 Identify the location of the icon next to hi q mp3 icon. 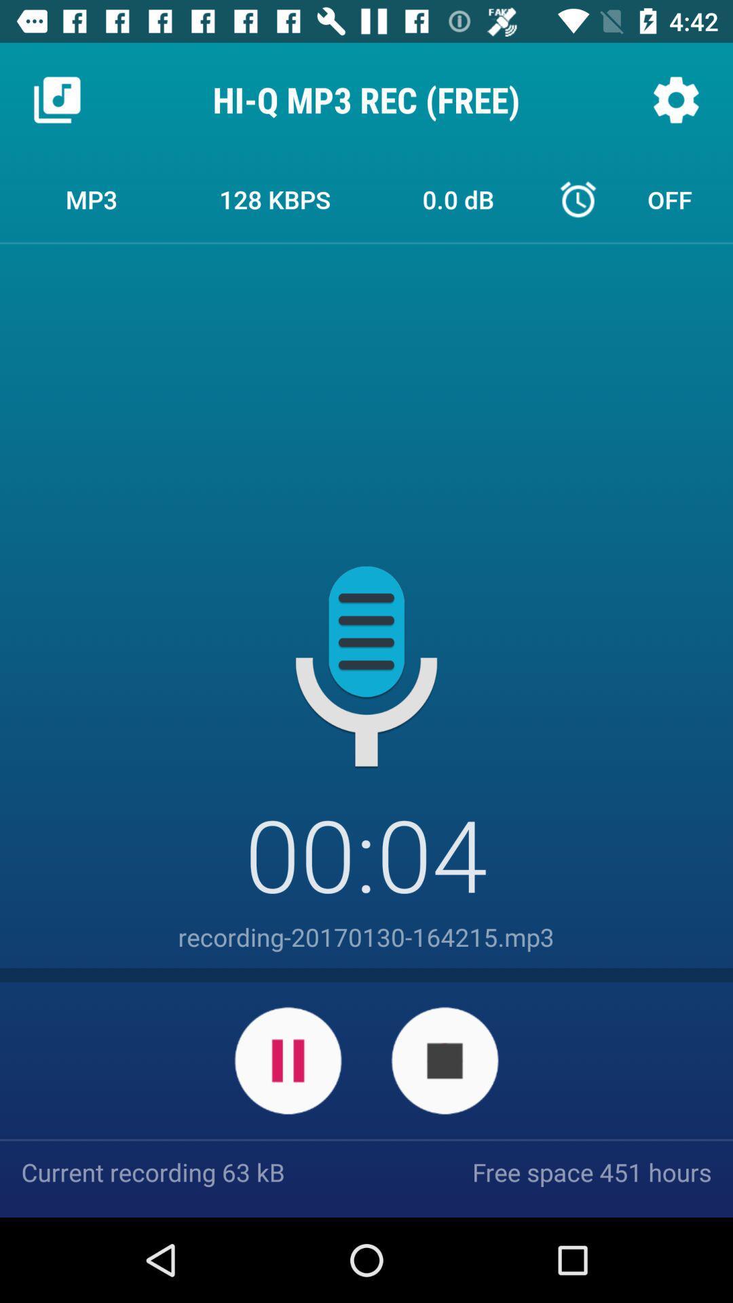
(56, 99).